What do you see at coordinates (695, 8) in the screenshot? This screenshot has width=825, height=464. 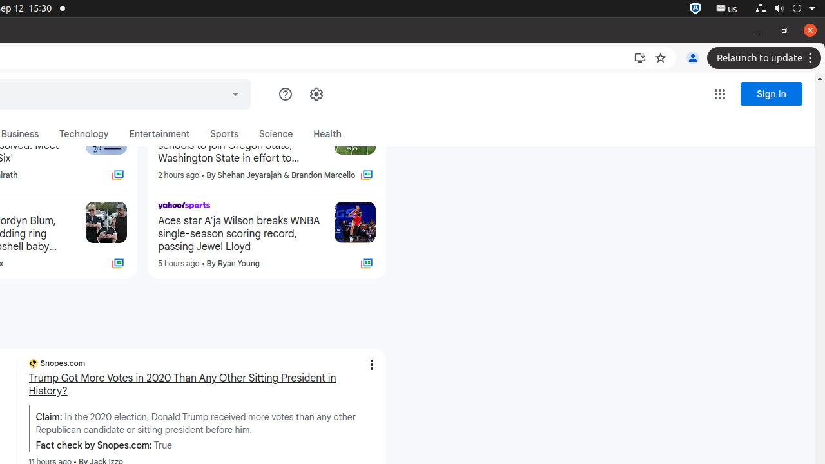 I see `':1.72/StatusNotifierItem'` at bounding box center [695, 8].